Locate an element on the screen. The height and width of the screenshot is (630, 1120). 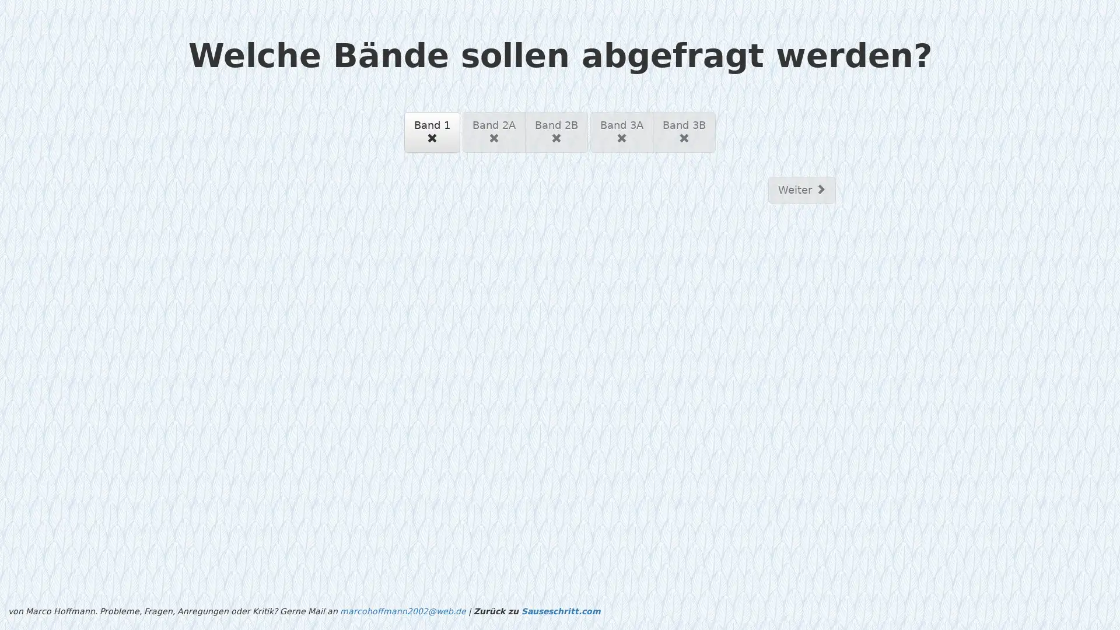
Band 1 is located at coordinates (431, 132).